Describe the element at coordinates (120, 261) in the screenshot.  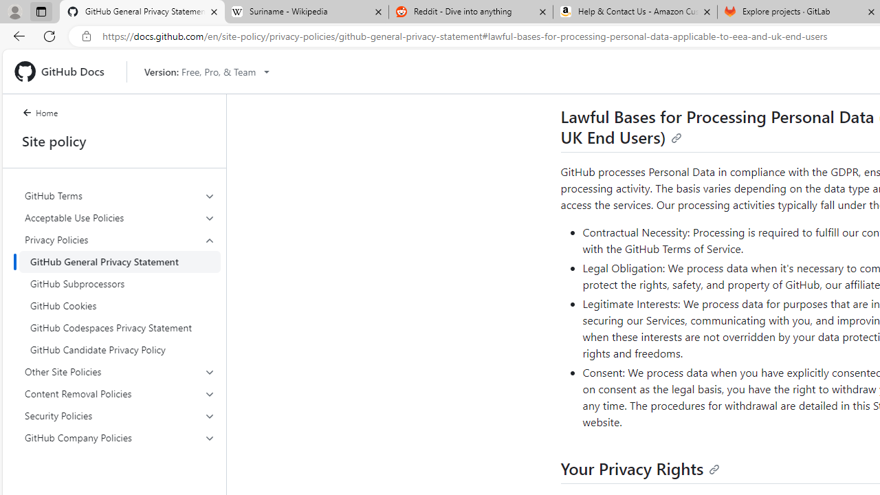
I see `'GitHub General Privacy Statement'` at that location.